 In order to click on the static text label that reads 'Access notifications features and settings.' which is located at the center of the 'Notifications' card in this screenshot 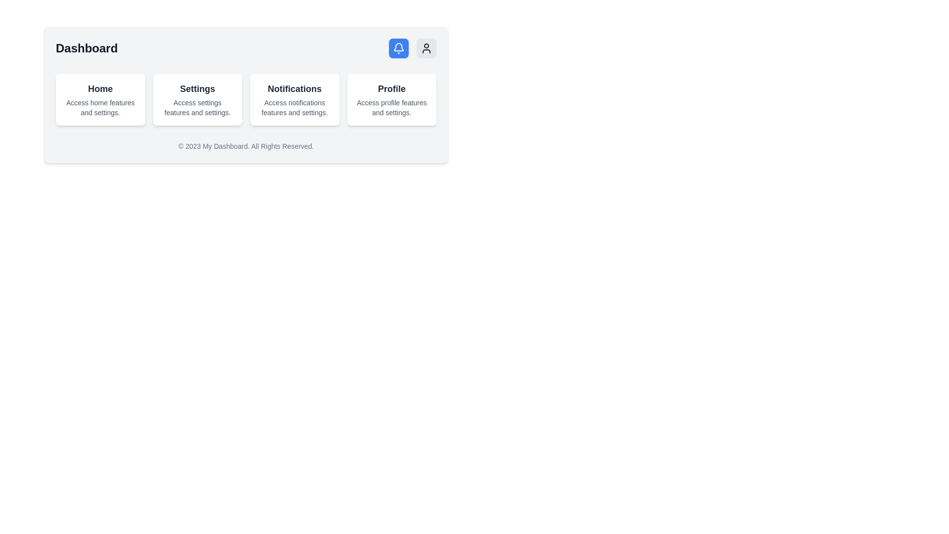, I will do `click(294, 108)`.